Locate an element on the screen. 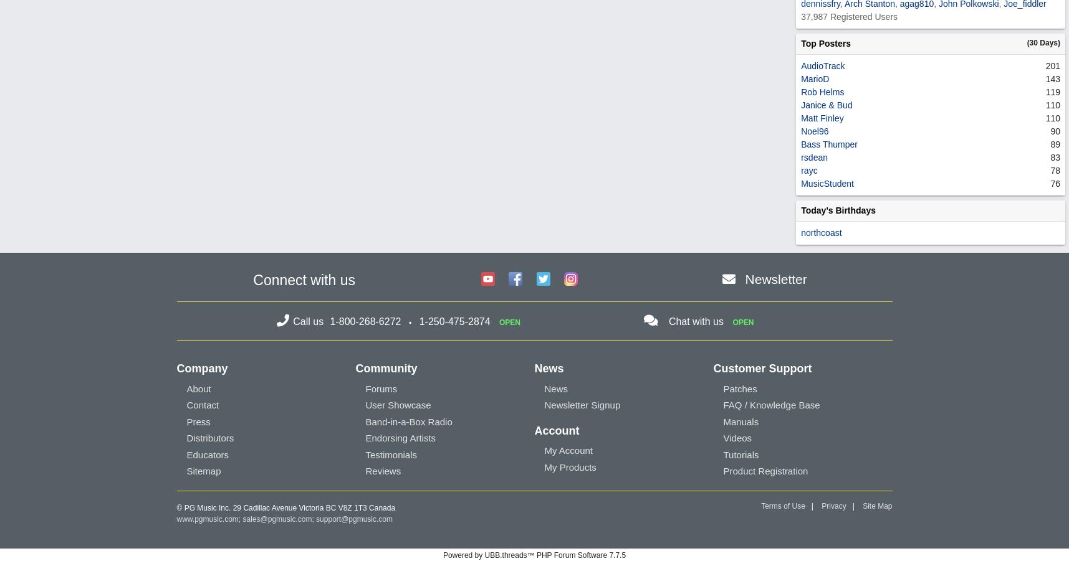 The width and height of the screenshot is (1069, 561). '201' is located at coordinates (1052, 65).